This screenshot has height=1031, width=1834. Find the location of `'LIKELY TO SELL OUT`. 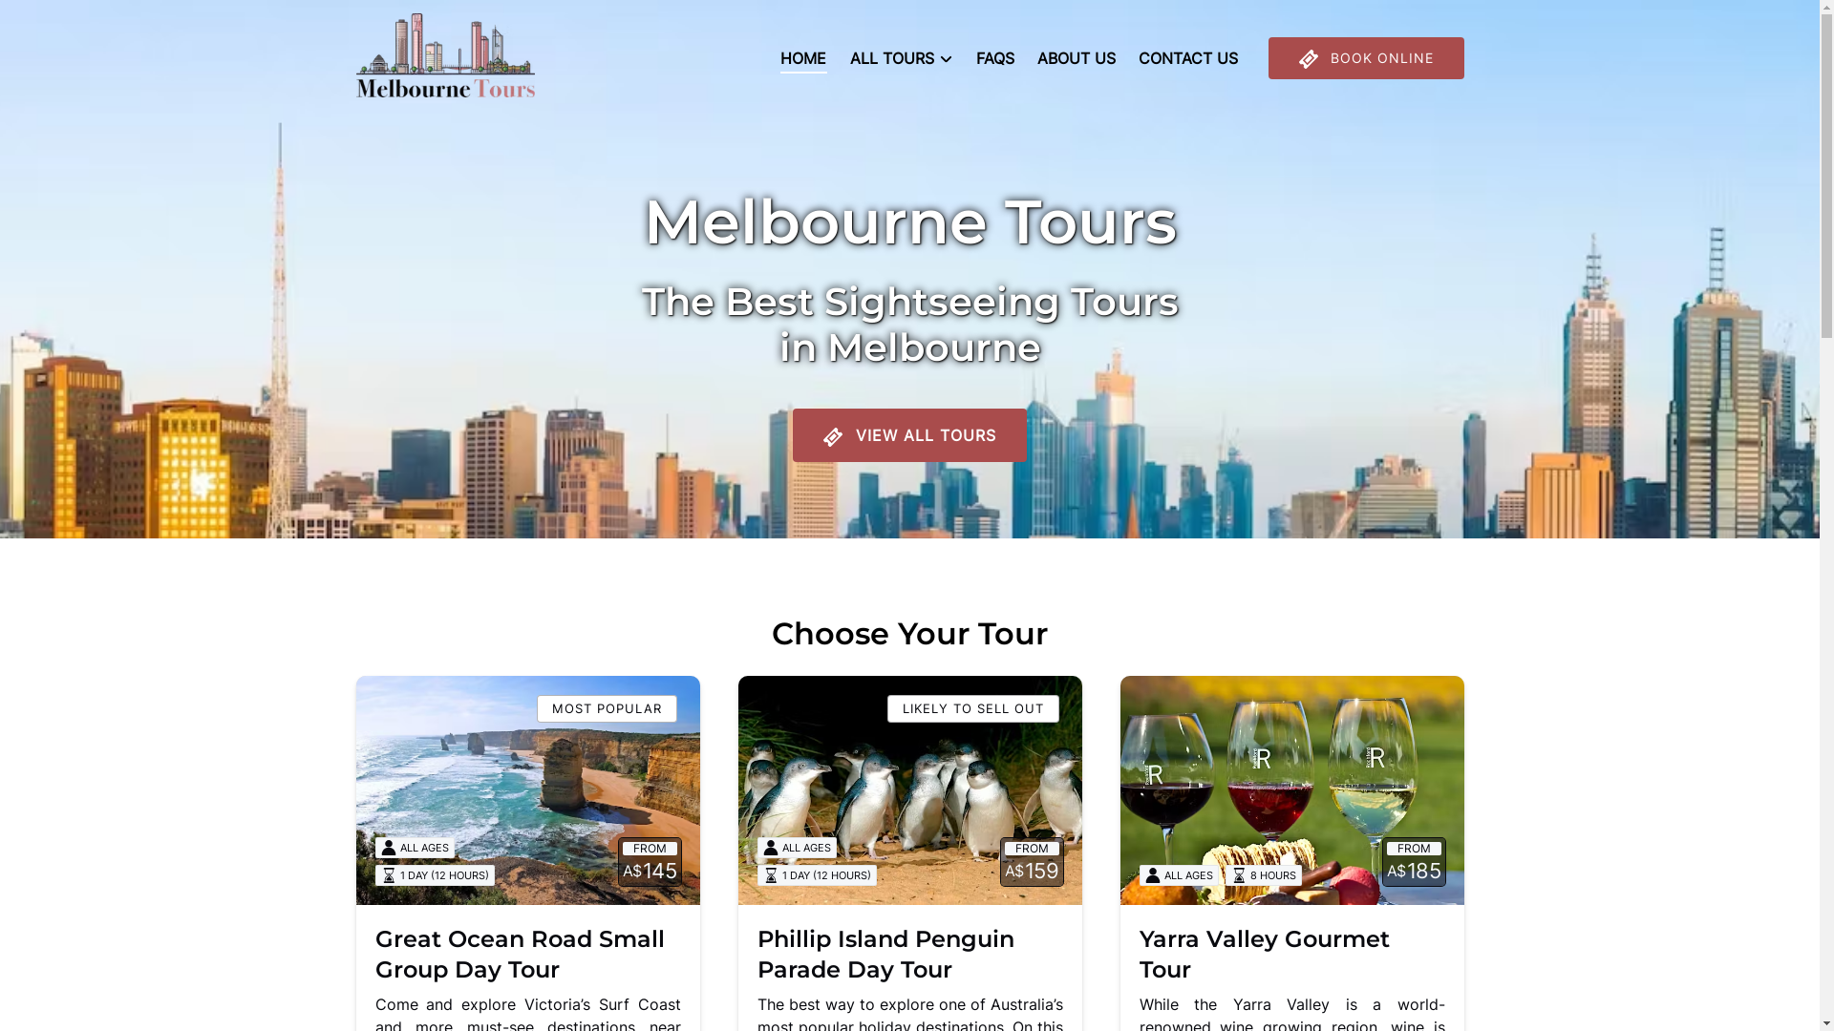

'LIKELY TO SELL OUT is located at coordinates (907, 790).